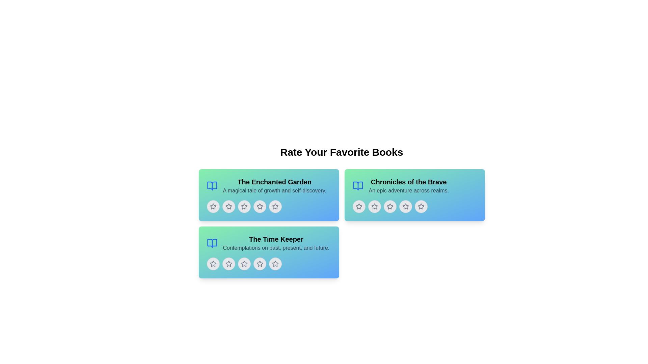 The height and width of the screenshot is (364, 648). I want to click on text content of the Text block displaying 'A magical tale of growth and self-discovery.' located beneath the title 'The Enchanted Garden' in the top-left card of the grid, so click(274, 191).